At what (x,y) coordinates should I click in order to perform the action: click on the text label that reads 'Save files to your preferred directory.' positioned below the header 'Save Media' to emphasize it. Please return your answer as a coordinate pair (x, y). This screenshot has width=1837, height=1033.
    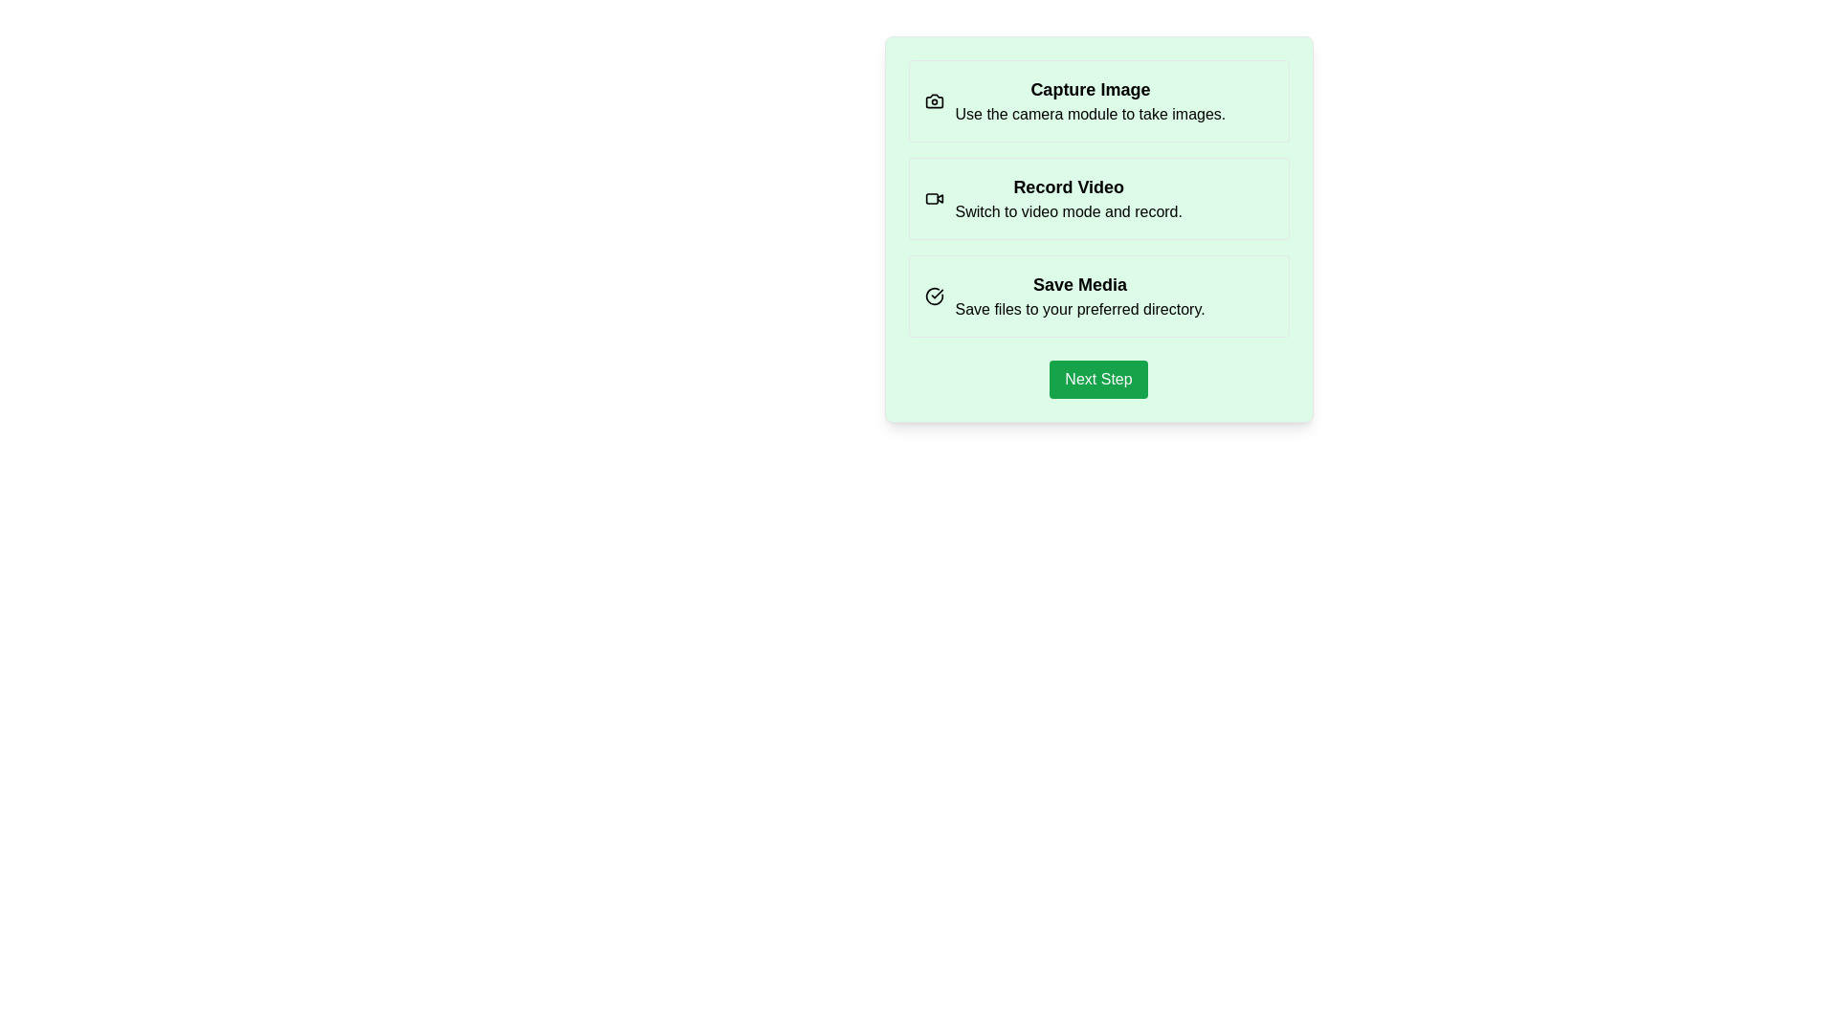
    Looking at the image, I should click on (1080, 309).